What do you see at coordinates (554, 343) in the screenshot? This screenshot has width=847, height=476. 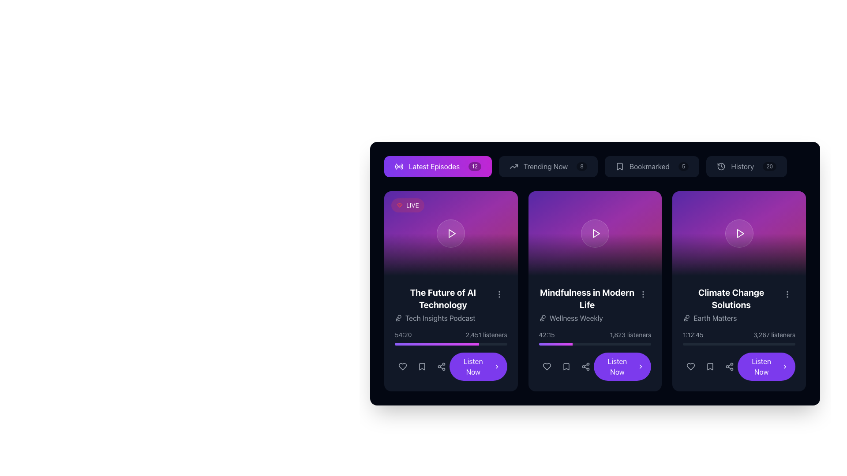 I see `progress` at bounding box center [554, 343].